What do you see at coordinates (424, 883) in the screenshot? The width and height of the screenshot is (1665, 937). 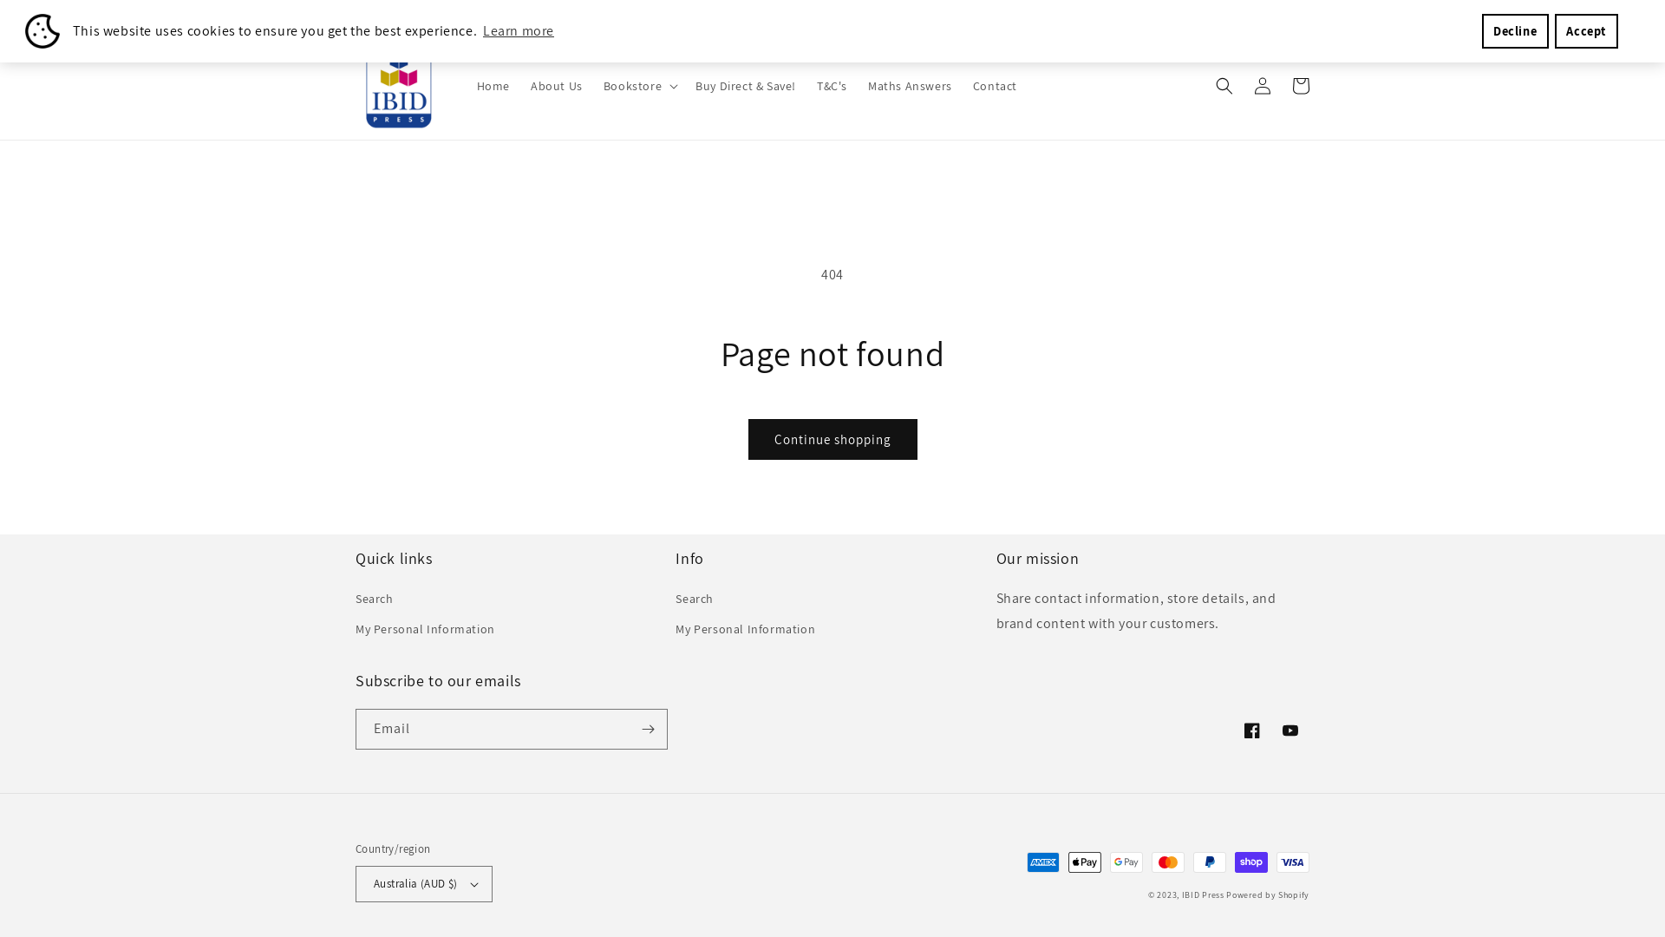 I see `'Australia (AUD $)'` at bounding box center [424, 883].